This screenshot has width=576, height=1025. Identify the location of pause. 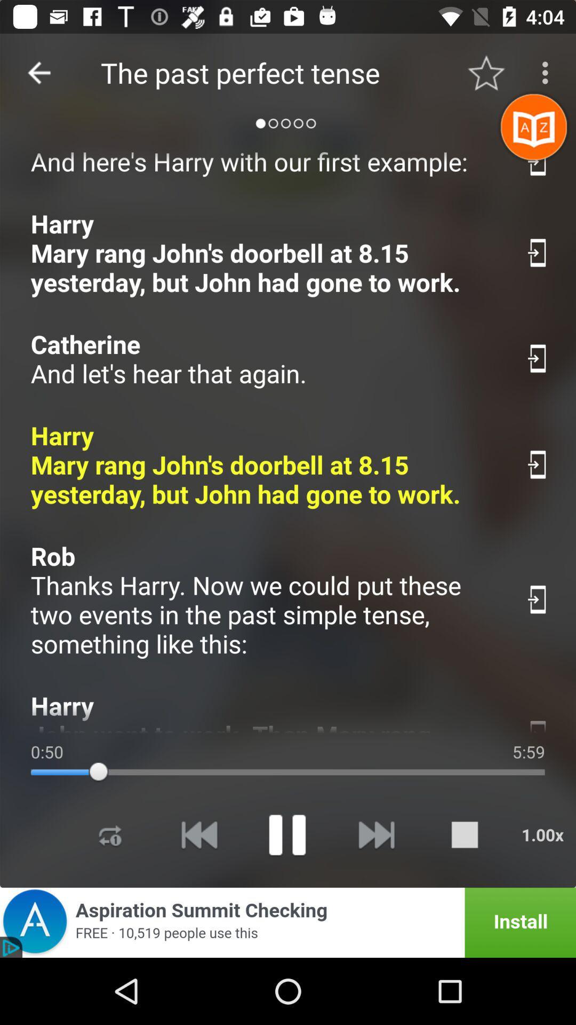
(286, 834).